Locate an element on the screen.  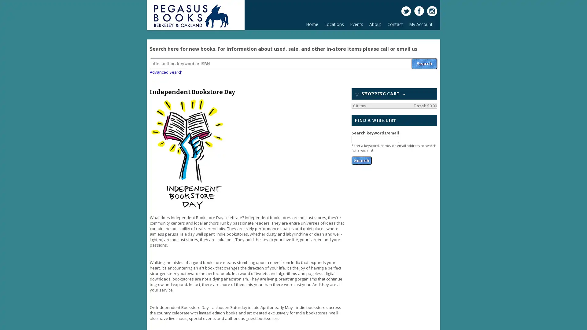
Search is located at coordinates (361, 159).